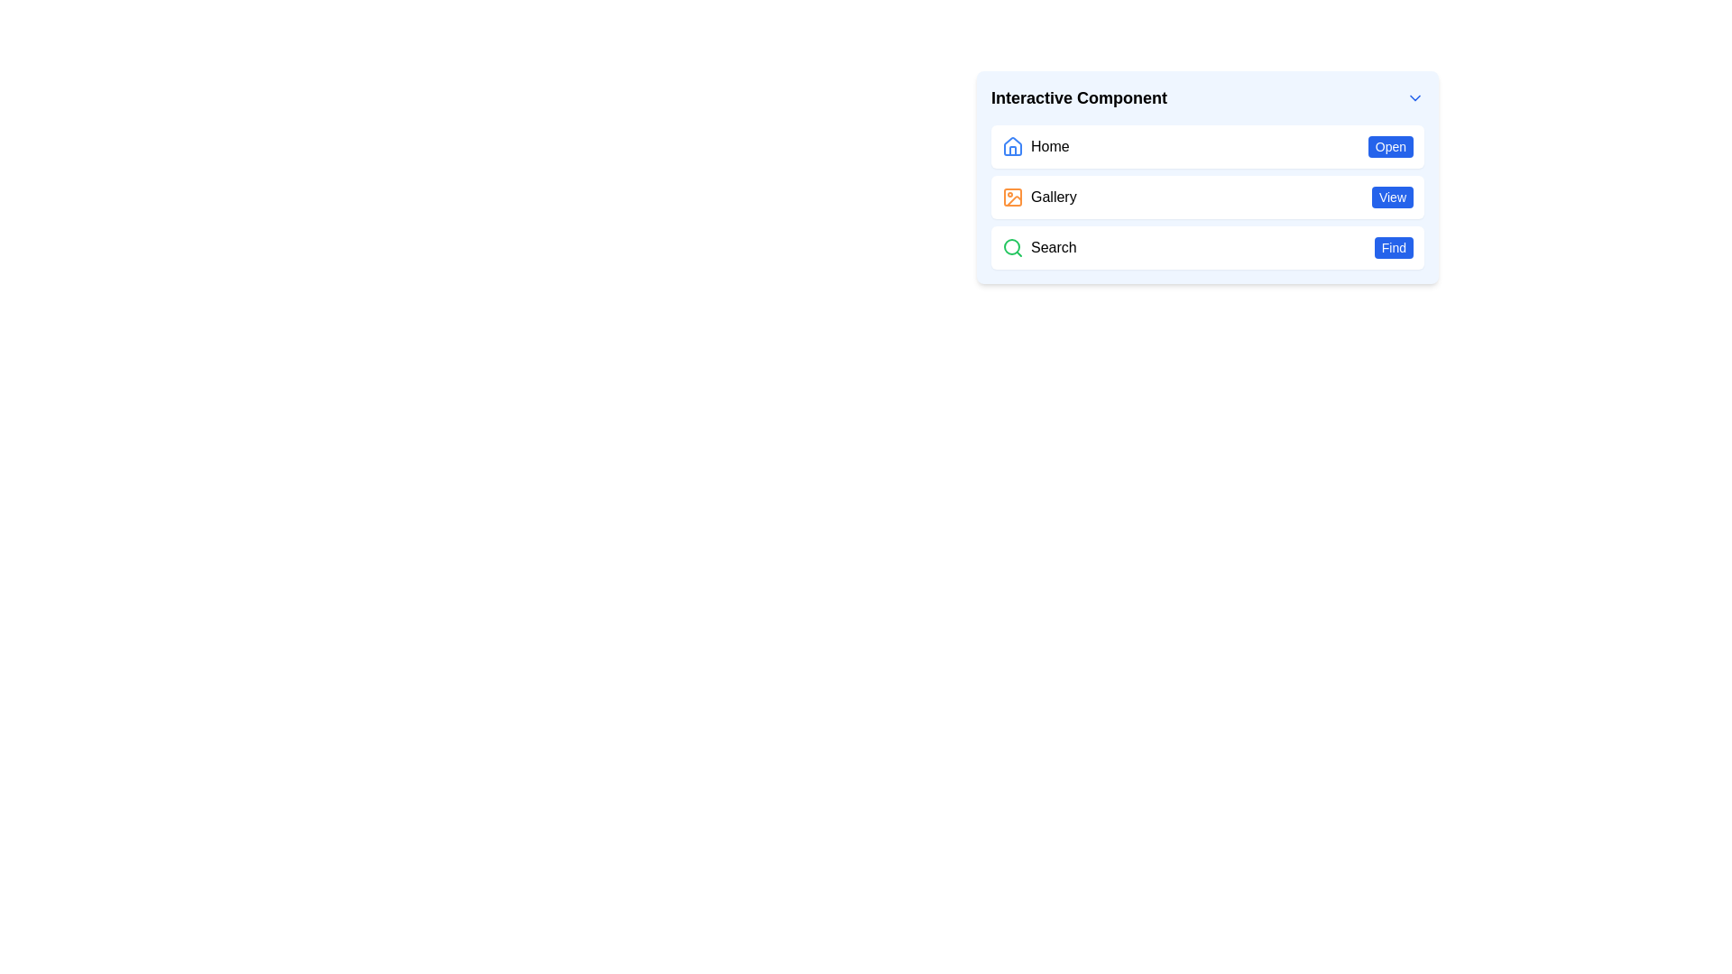  I want to click on the light orange square icon representing the gallery section, which is the second option in the vertical group of icons including Home, Gallery, and Search, so click(1013, 198).